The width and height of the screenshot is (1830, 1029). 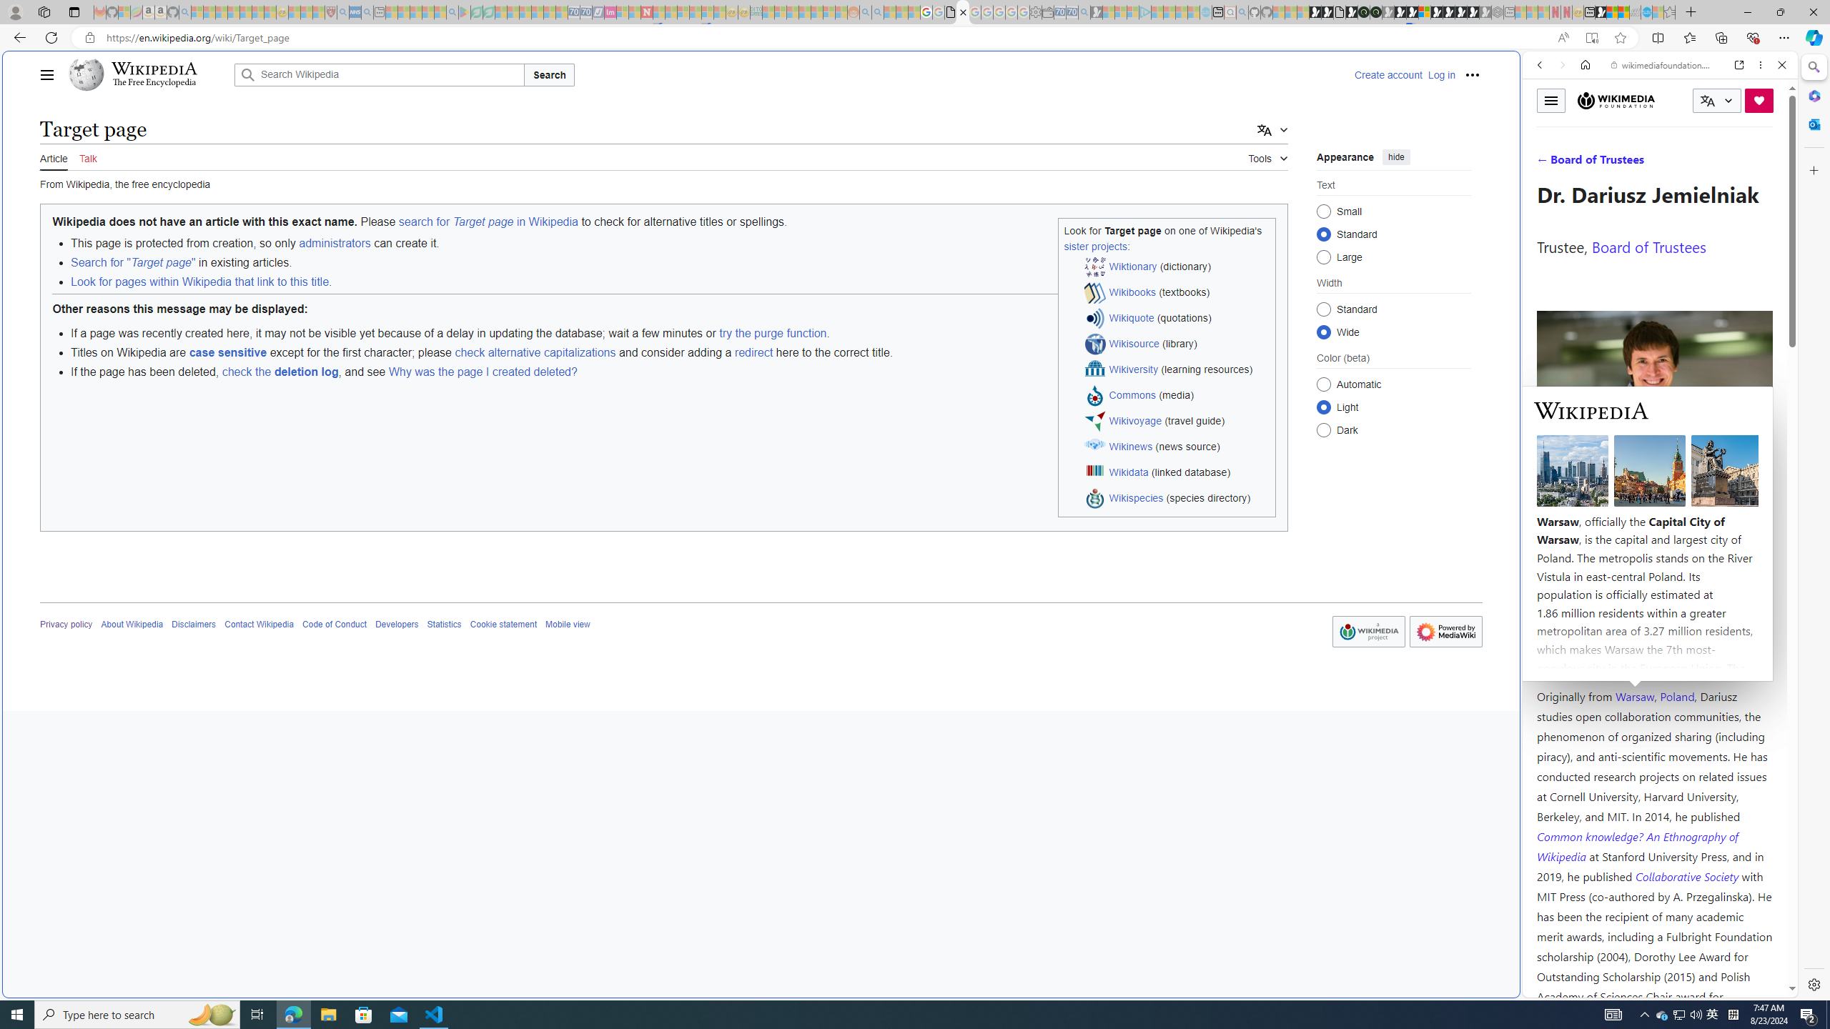 What do you see at coordinates (131, 624) in the screenshot?
I see `'About Wikipedia'` at bounding box center [131, 624].